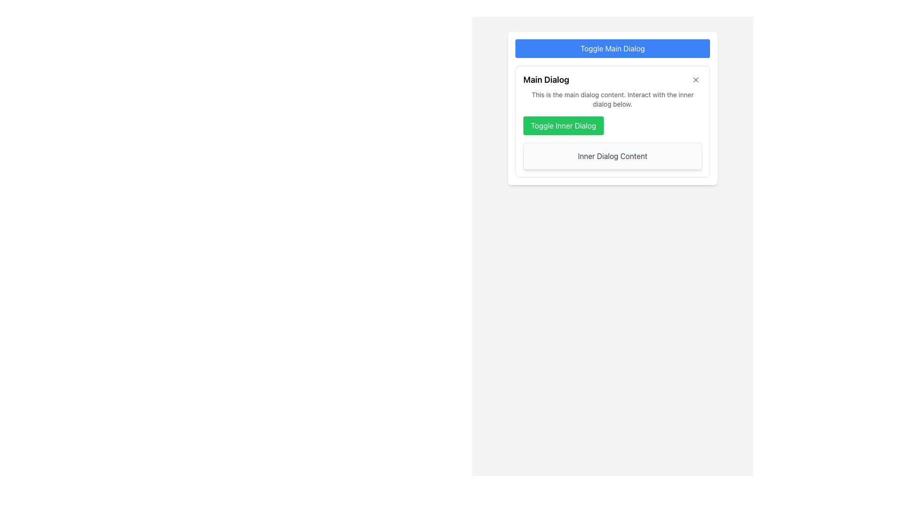  Describe the element at coordinates (546, 79) in the screenshot. I see `title text label that displays 'Main Dialog' at the top-left of the dialog box` at that location.